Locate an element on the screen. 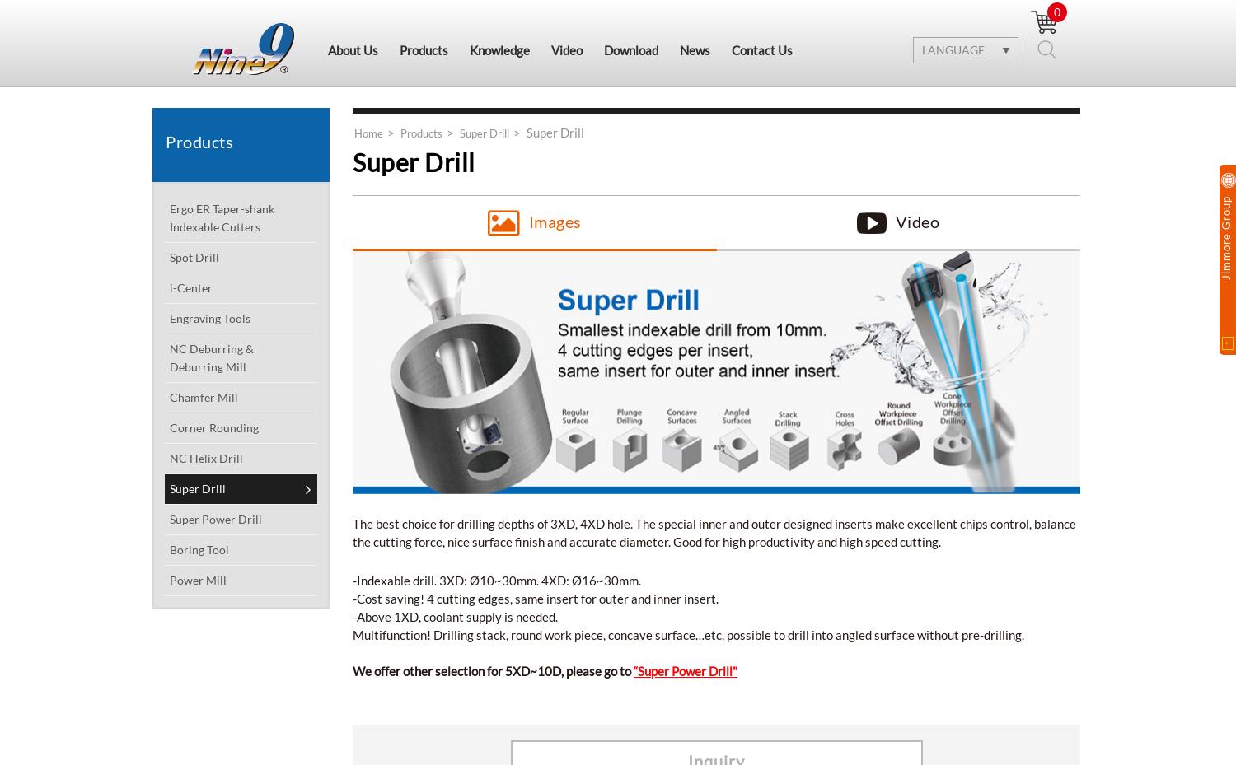  'Spot Drill' is located at coordinates (193, 257).